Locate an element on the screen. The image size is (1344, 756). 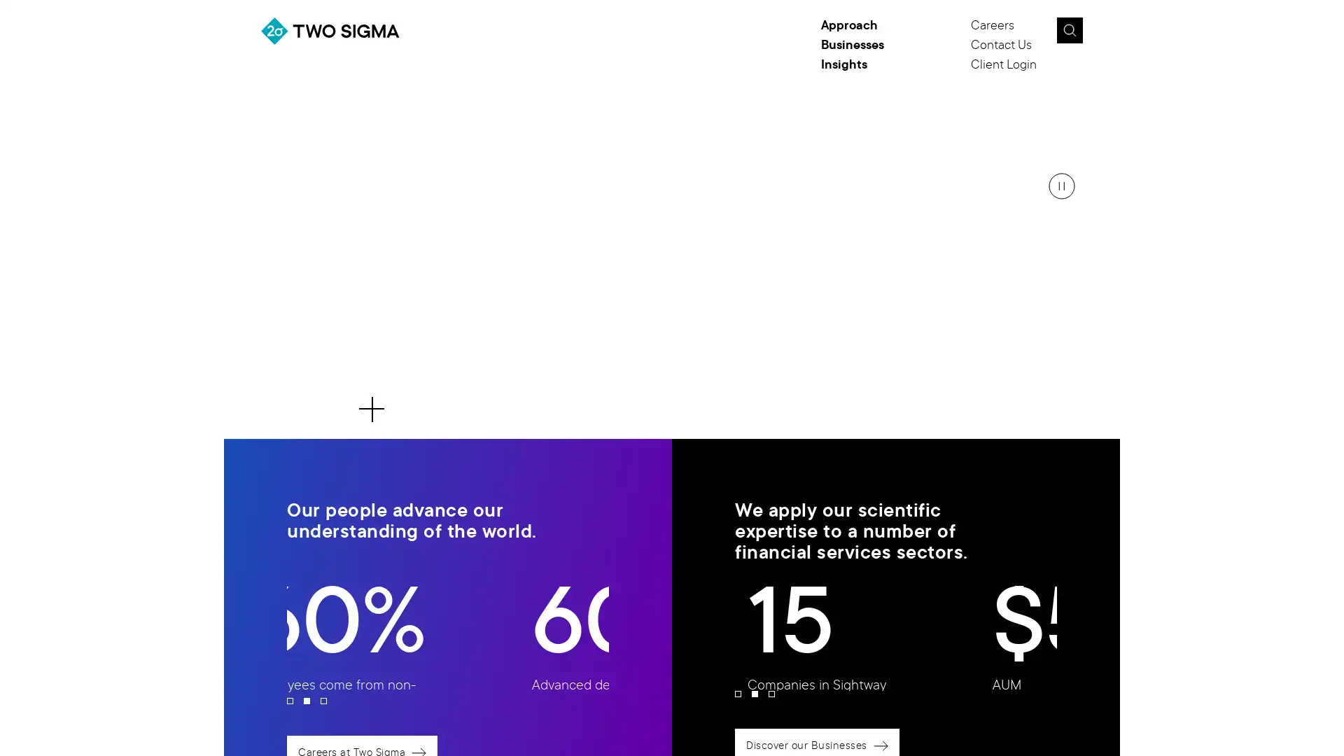
Search is located at coordinates (1101, 34).